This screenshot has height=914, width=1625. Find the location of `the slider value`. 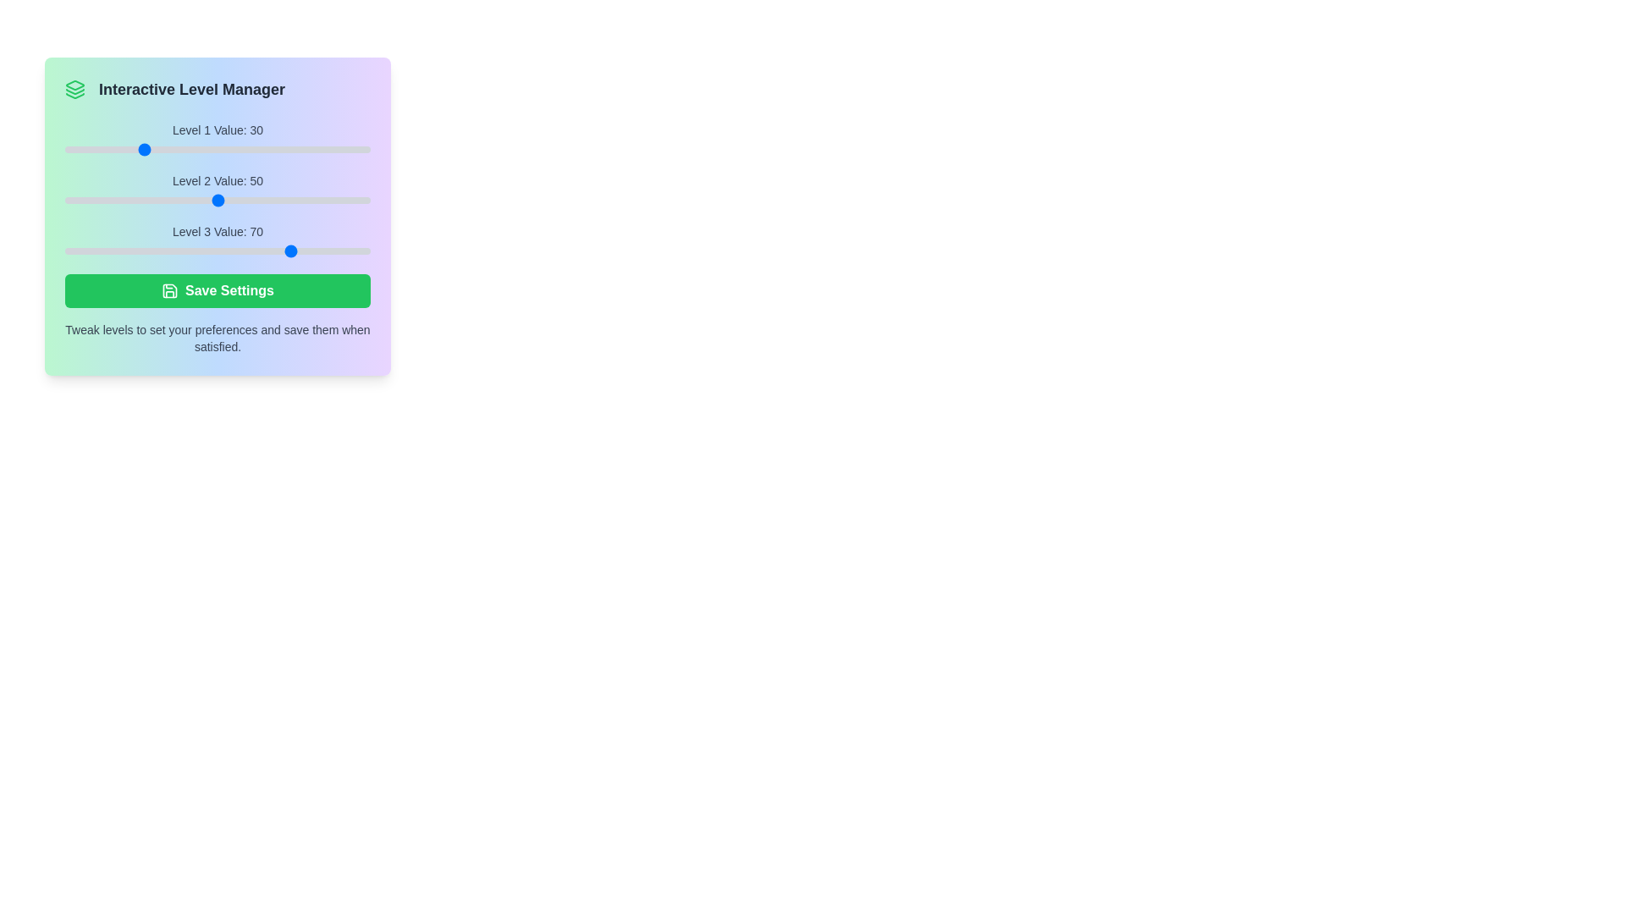

the slider value is located at coordinates (160, 199).